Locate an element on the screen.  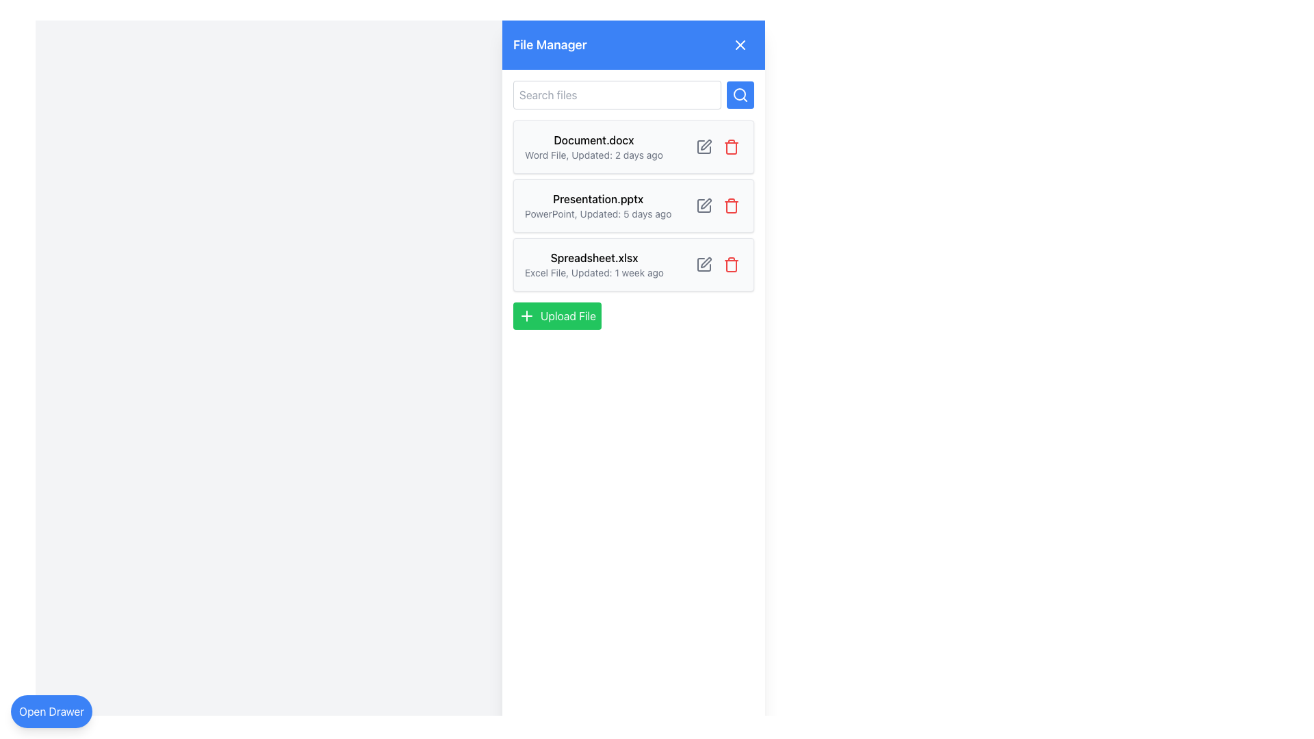
the pencil icon button located in the top-right corner of the third file entry for 'Spreadsheet.xlsx' to initiate an edit action is located at coordinates (717, 264).